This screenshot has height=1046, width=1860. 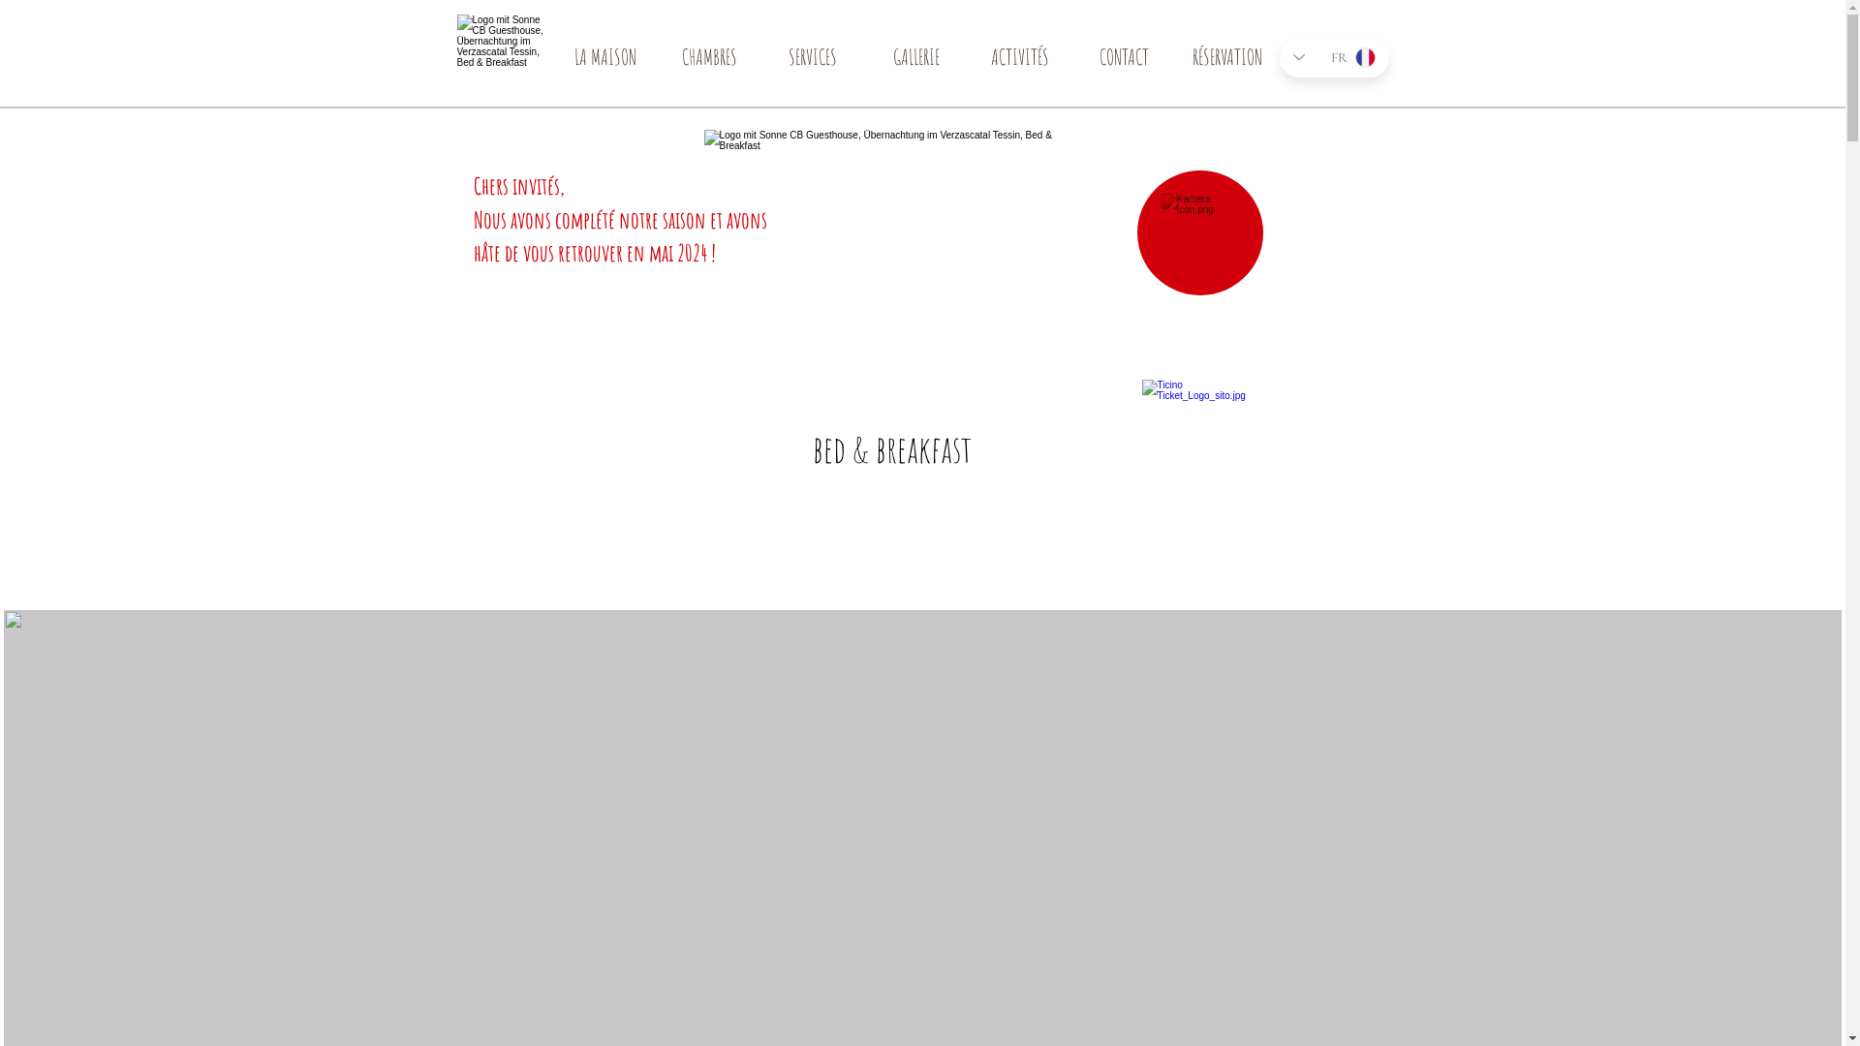 I want to click on 'GALLERIE', so click(x=914, y=62).